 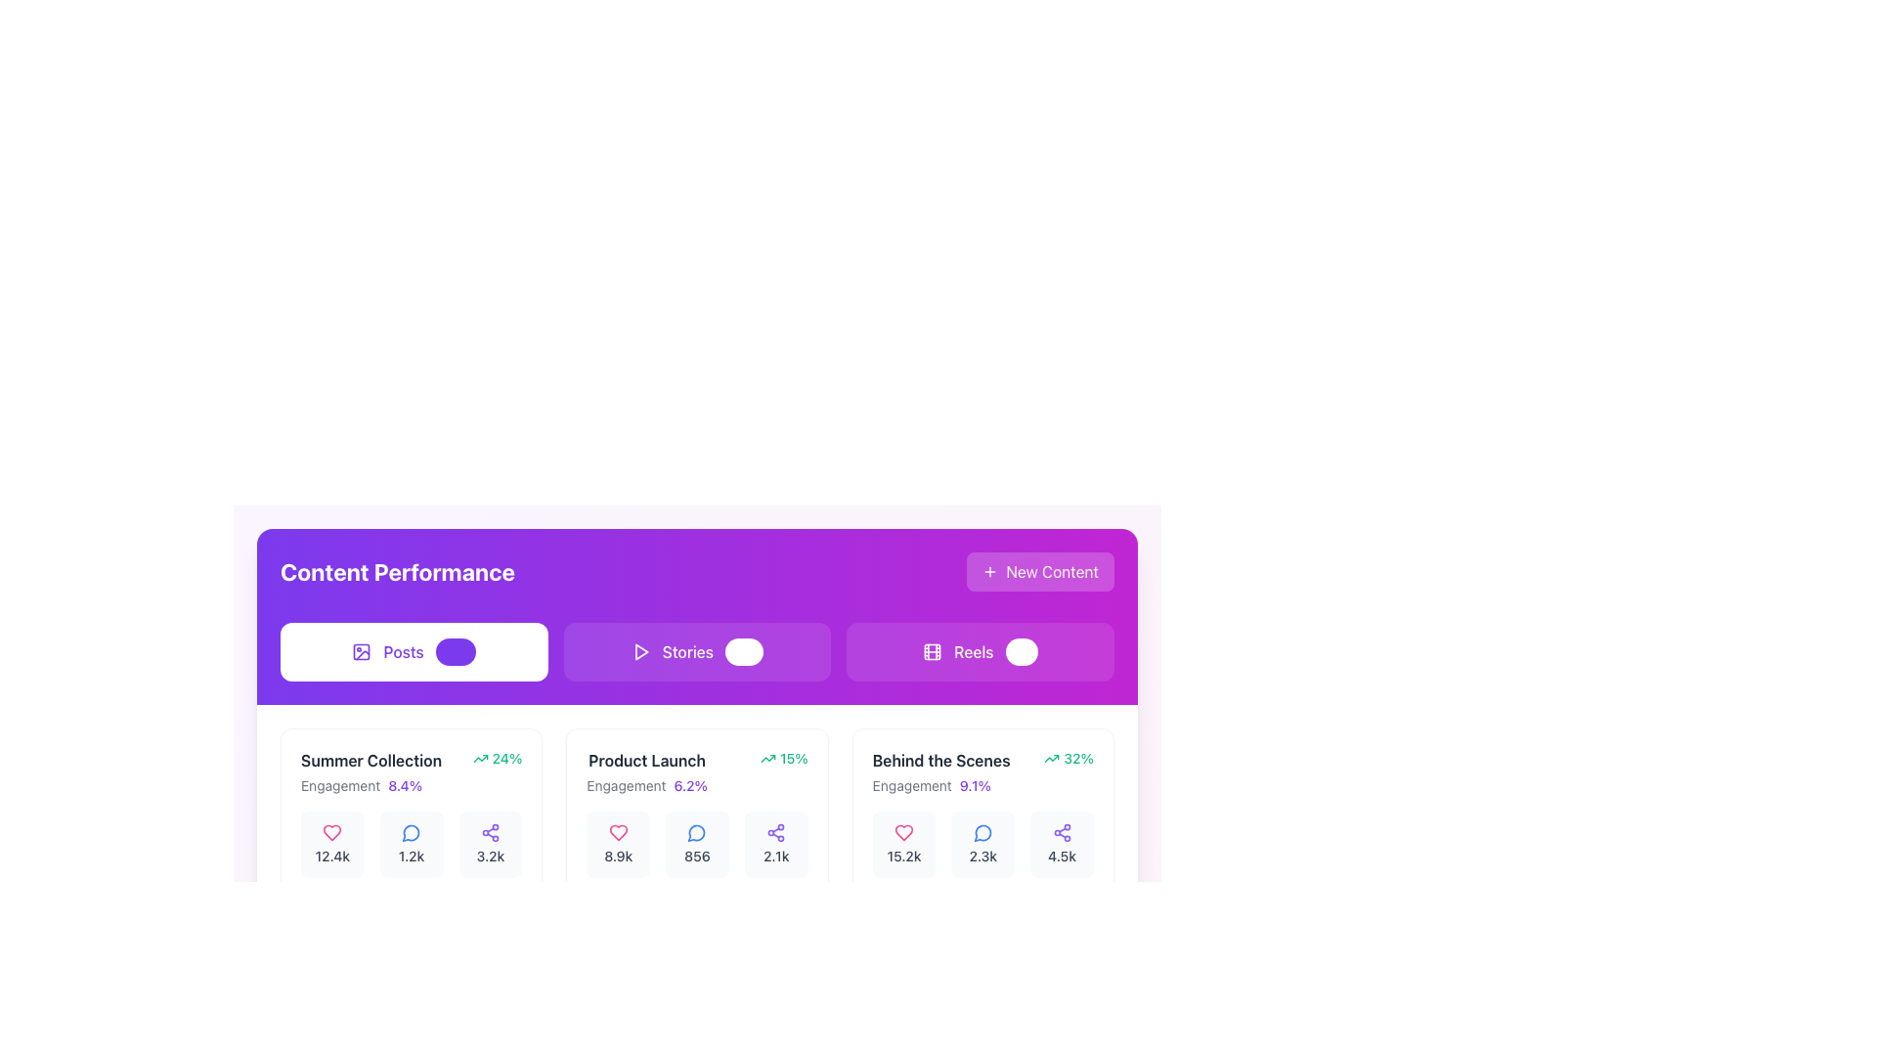 I want to click on the text label indicating a 32% value associated with the 'Behind the Scenes' content, positioned to the right of the trending-up arrow icon, so click(x=1077, y=757).